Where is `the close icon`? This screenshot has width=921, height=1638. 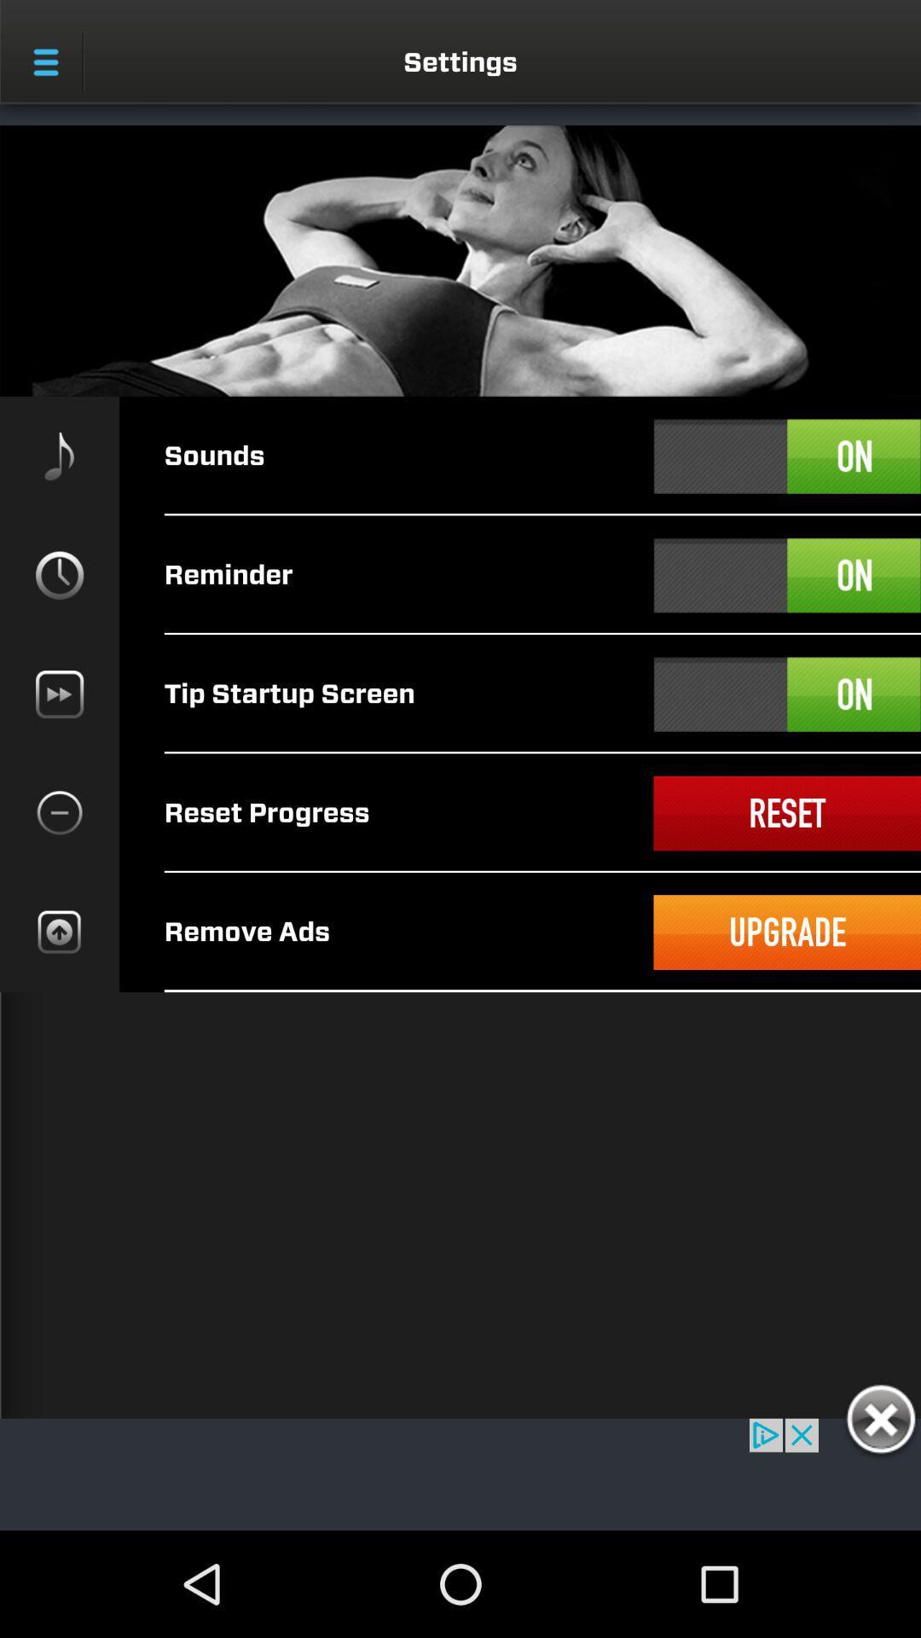 the close icon is located at coordinates (880, 1422).